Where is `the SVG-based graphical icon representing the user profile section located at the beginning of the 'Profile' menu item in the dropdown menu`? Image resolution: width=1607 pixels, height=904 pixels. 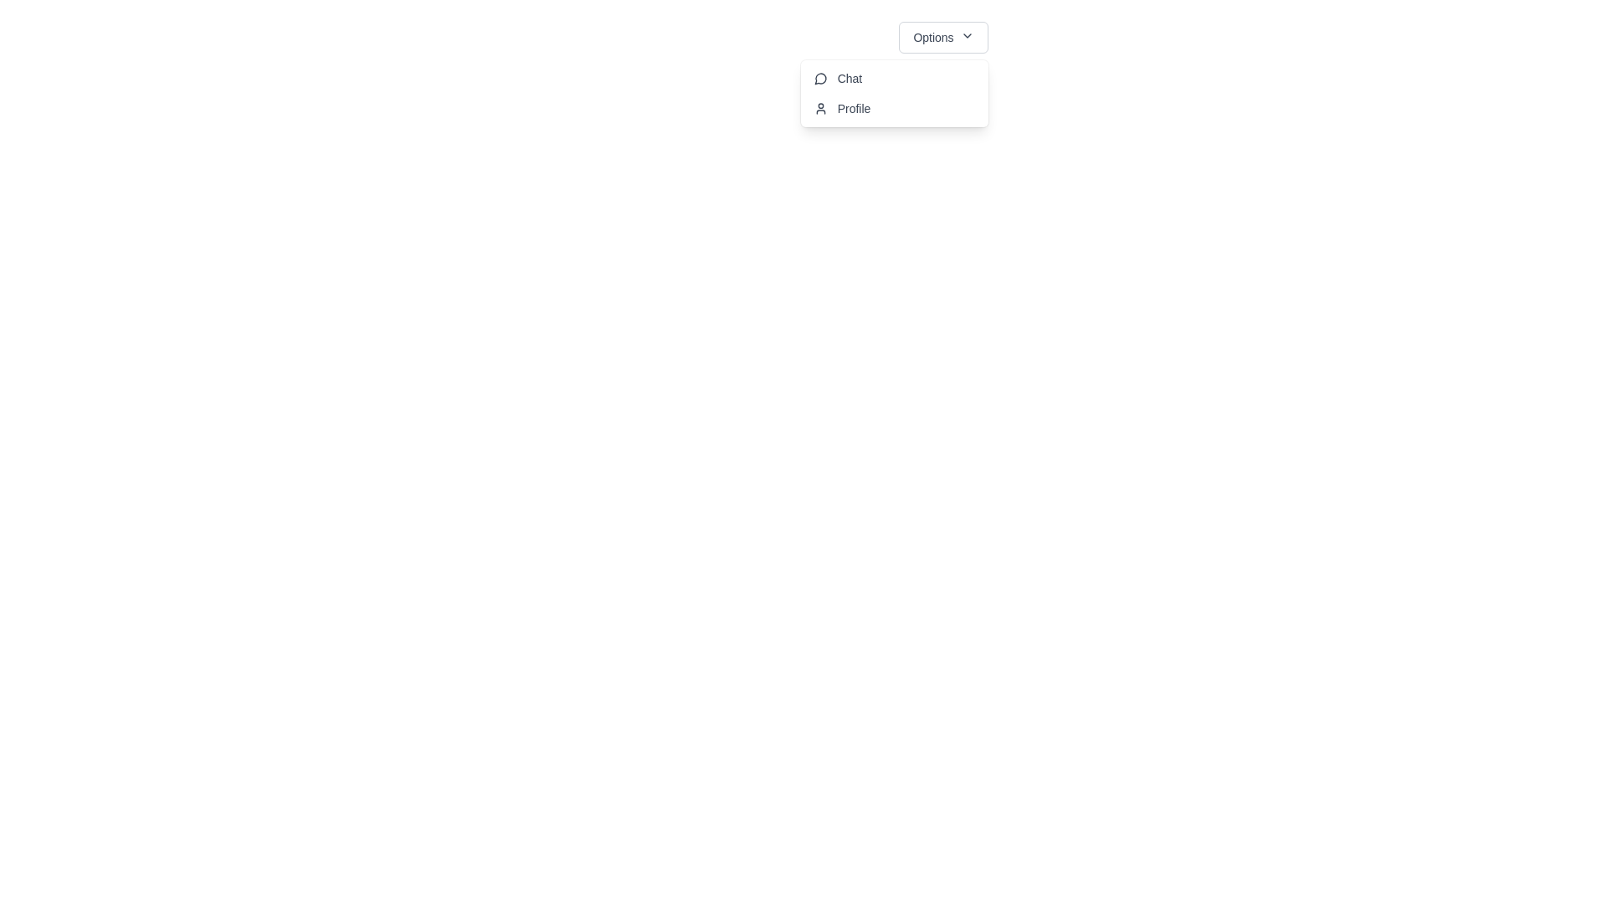
the SVG-based graphical icon representing the user profile section located at the beginning of the 'Profile' menu item in the dropdown menu is located at coordinates (820, 109).